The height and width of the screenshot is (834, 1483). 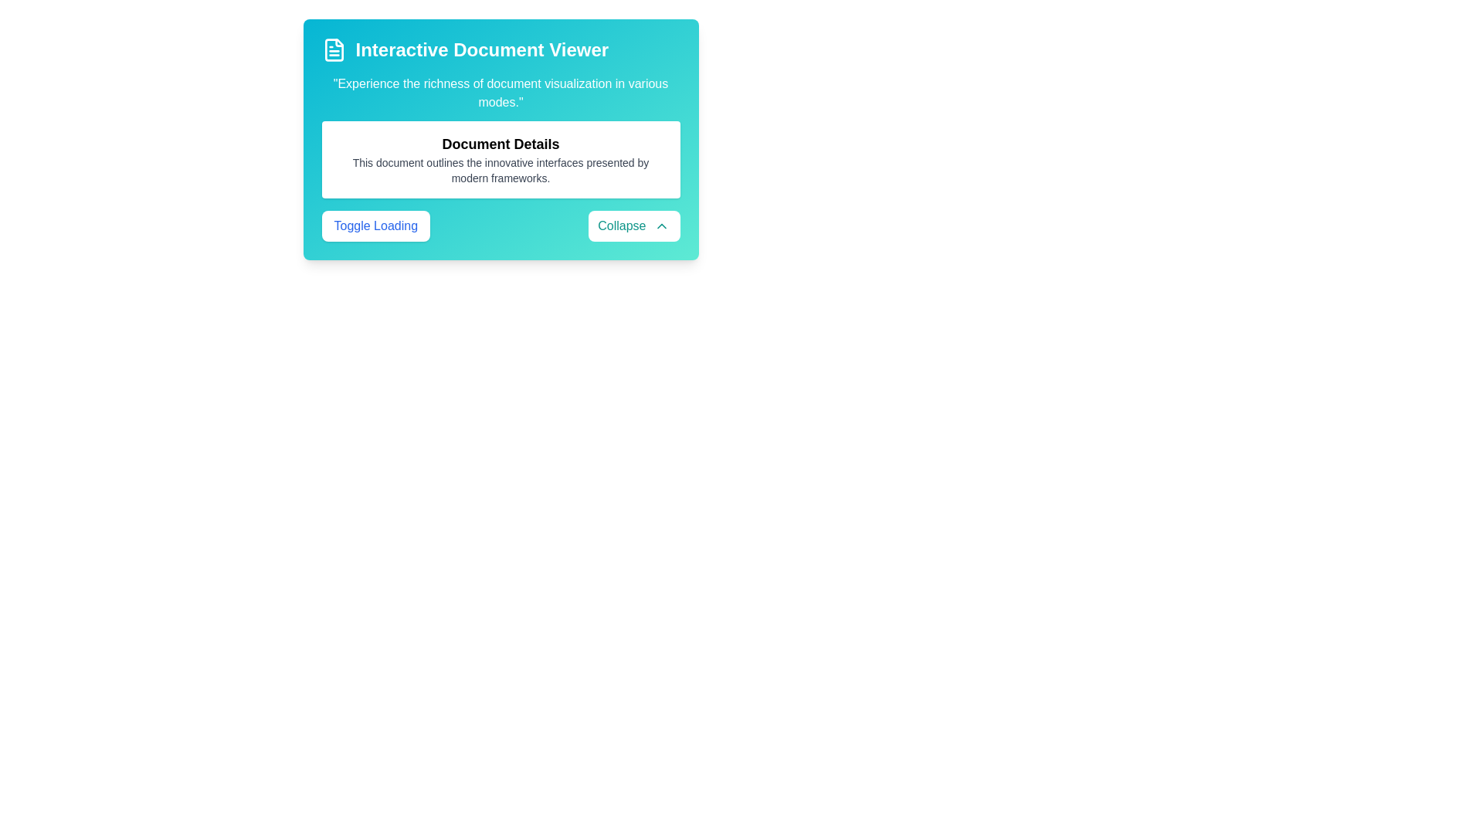 What do you see at coordinates (501, 49) in the screenshot?
I see `the header labeled 'Interactive Document Viewer' with the accompanying document icon, which is styled in white bold font against a cyan gradient background` at bounding box center [501, 49].